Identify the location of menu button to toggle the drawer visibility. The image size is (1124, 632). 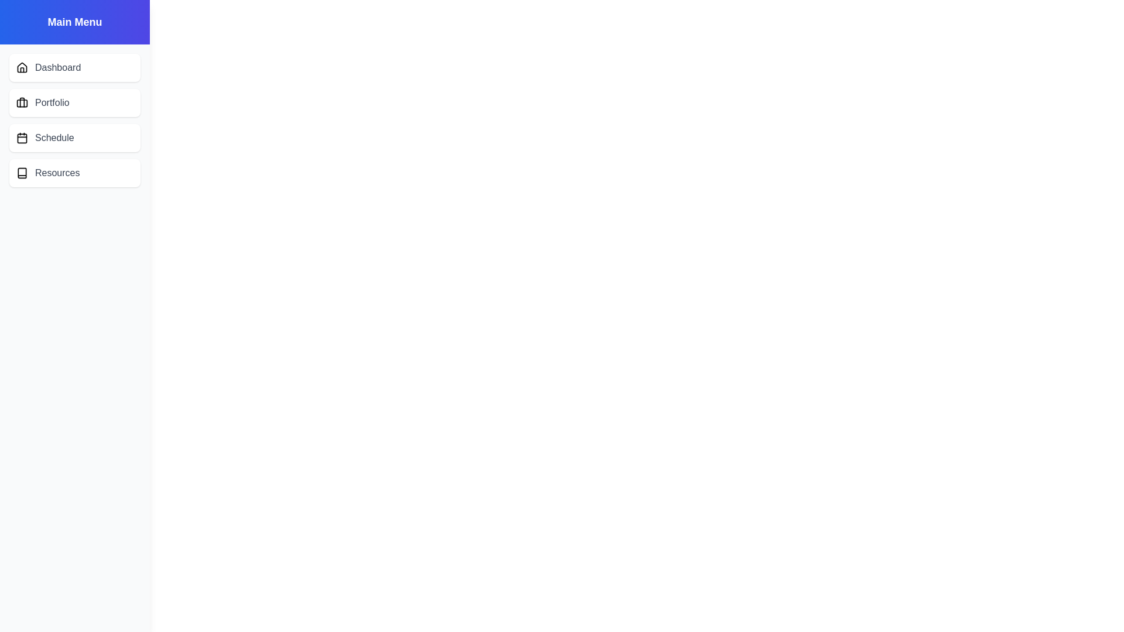
(28, 29).